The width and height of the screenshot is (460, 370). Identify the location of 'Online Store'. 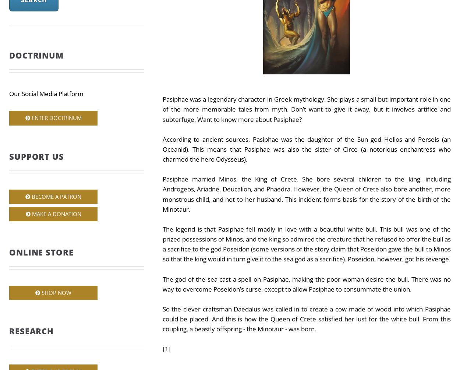
(41, 252).